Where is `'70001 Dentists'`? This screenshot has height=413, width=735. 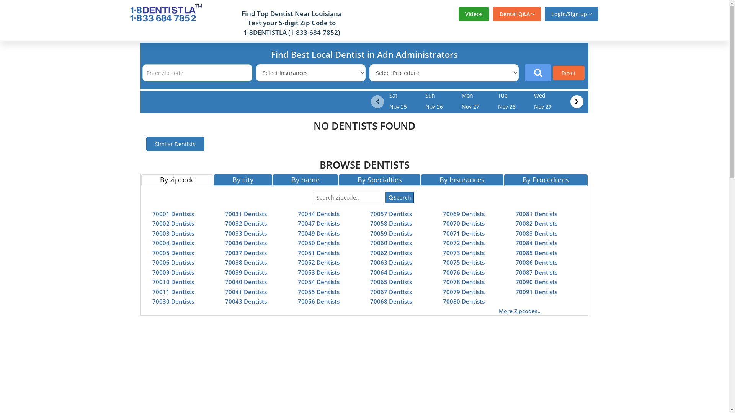 '70001 Dentists' is located at coordinates (173, 213).